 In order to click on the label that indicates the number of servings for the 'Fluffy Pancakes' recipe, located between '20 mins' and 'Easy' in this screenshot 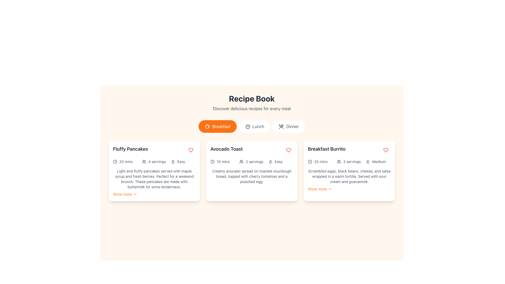, I will do `click(154, 161)`.